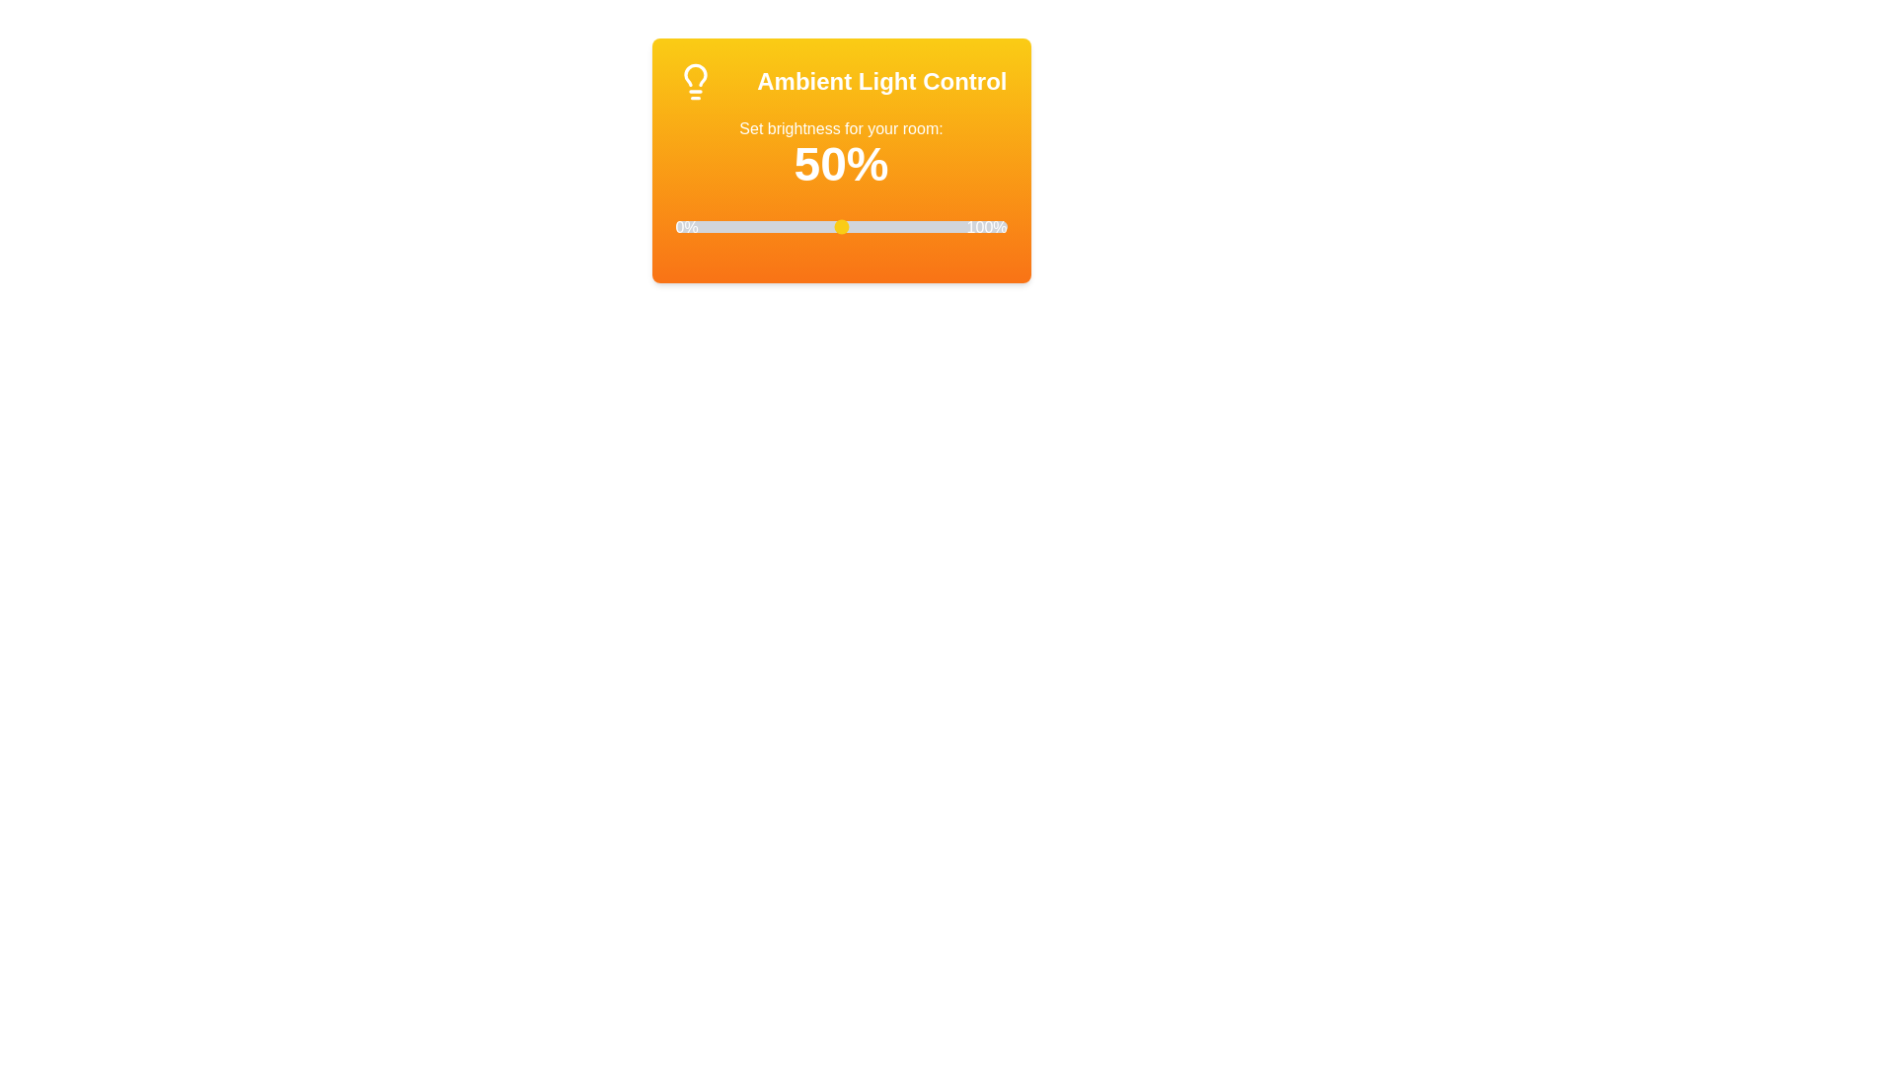 This screenshot has width=1895, height=1066. I want to click on the brightness slider to 89%, so click(970, 226).